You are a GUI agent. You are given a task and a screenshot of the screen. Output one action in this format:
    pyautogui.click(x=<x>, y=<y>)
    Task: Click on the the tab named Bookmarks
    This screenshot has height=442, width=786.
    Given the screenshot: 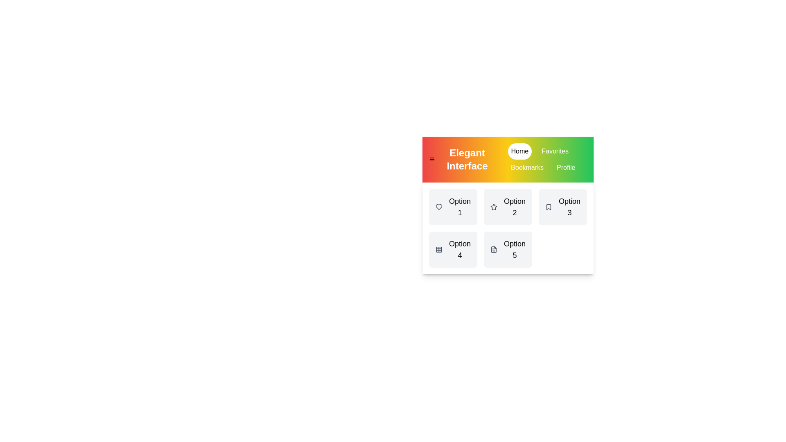 What is the action you would take?
    pyautogui.click(x=527, y=167)
    